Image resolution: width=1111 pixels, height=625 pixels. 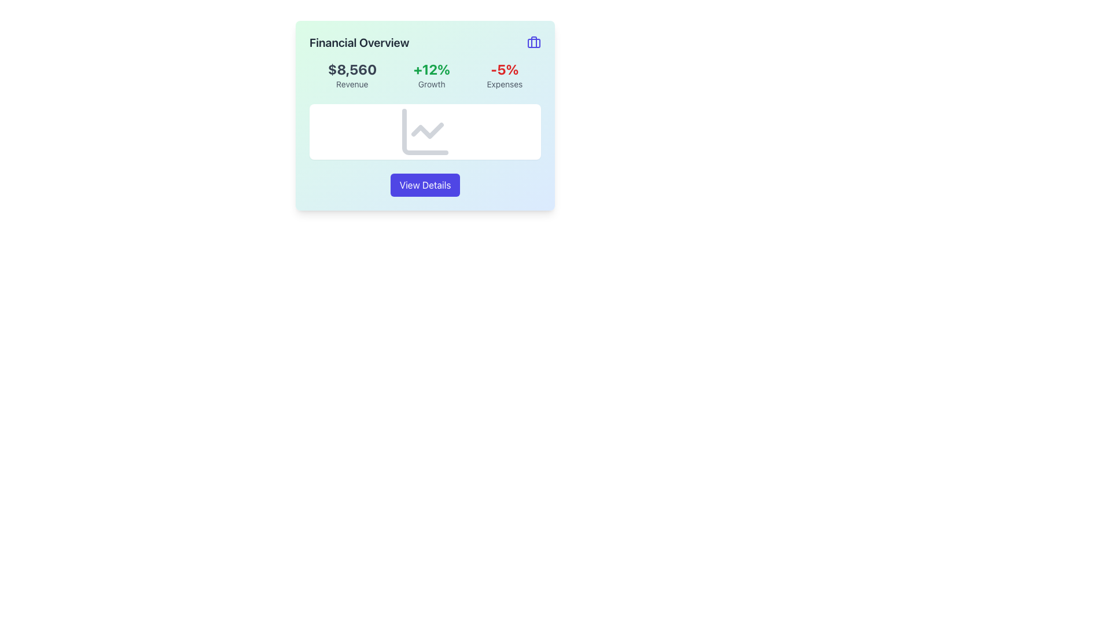 I want to click on the text label stating 'Expenses', which is styled with a small font size and light gray color, located beneath the '-5%' red text in the top-right section of the interface, so click(x=505, y=84).